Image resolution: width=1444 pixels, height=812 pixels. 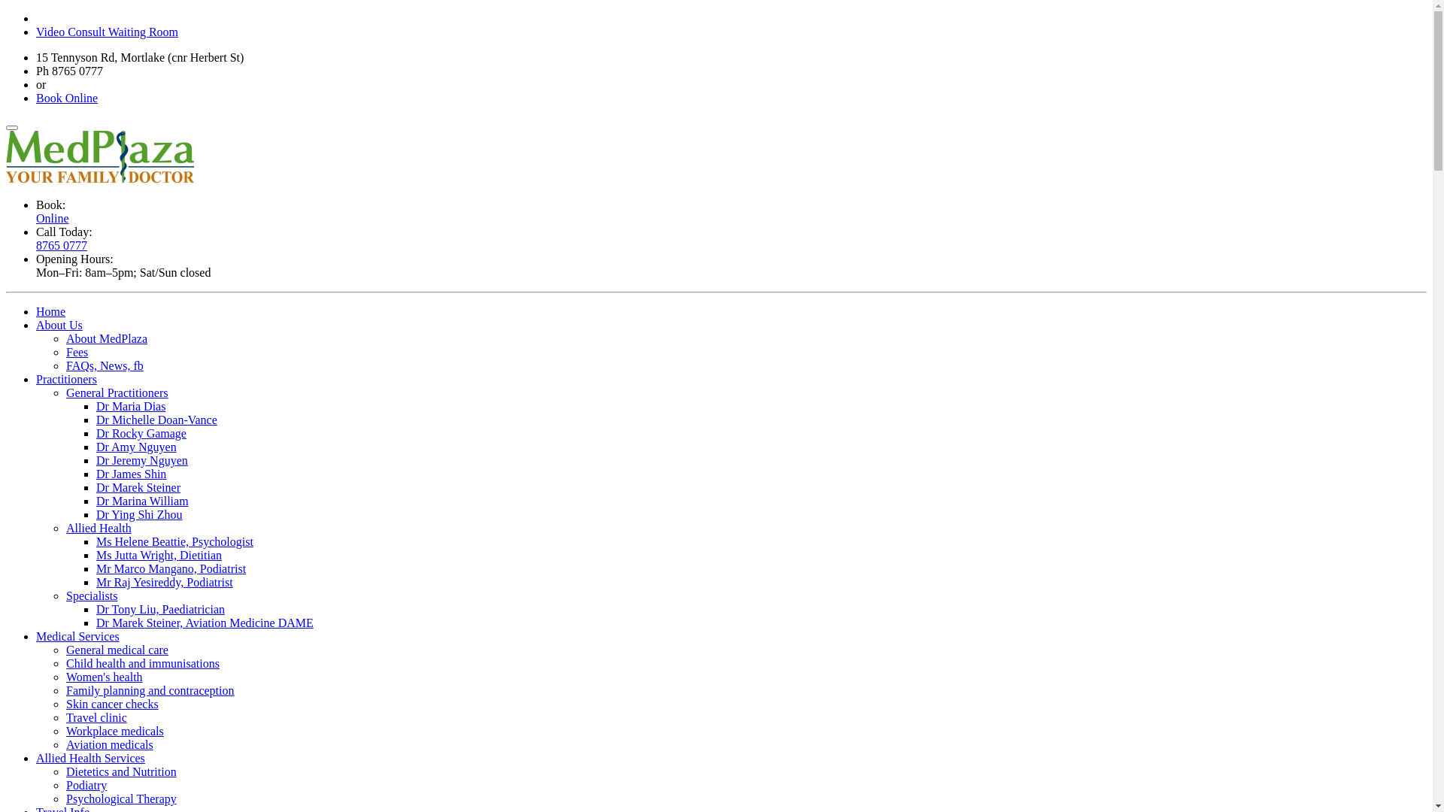 I want to click on 'Dr Ying Shi Zhou', so click(x=96, y=514).